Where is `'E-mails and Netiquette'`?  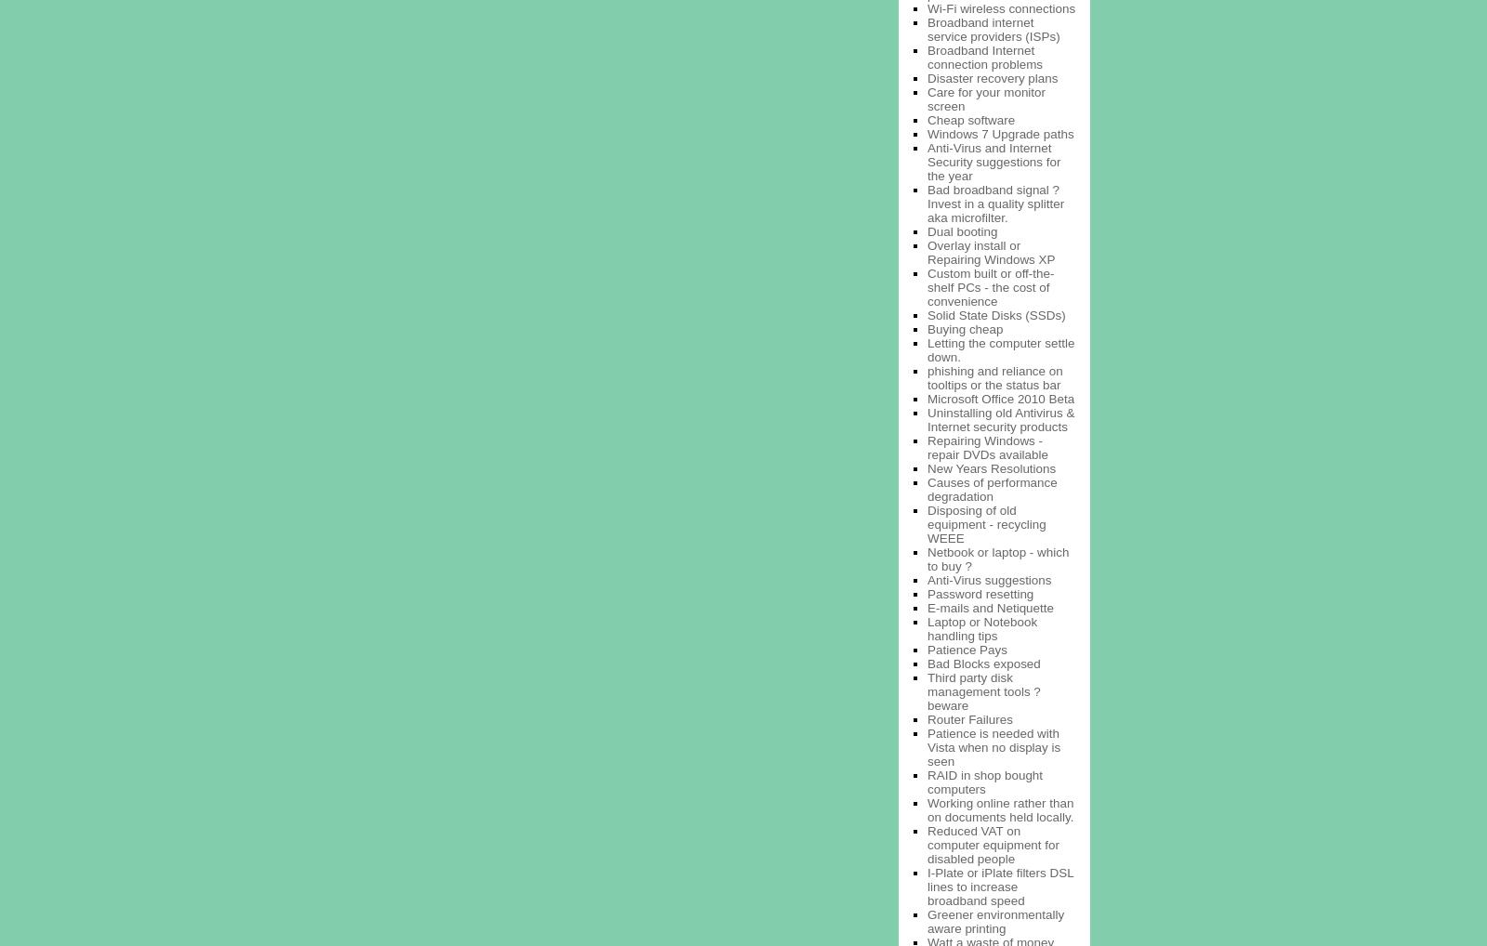 'E-mails and Netiquette' is located at coordinates (991, 606).